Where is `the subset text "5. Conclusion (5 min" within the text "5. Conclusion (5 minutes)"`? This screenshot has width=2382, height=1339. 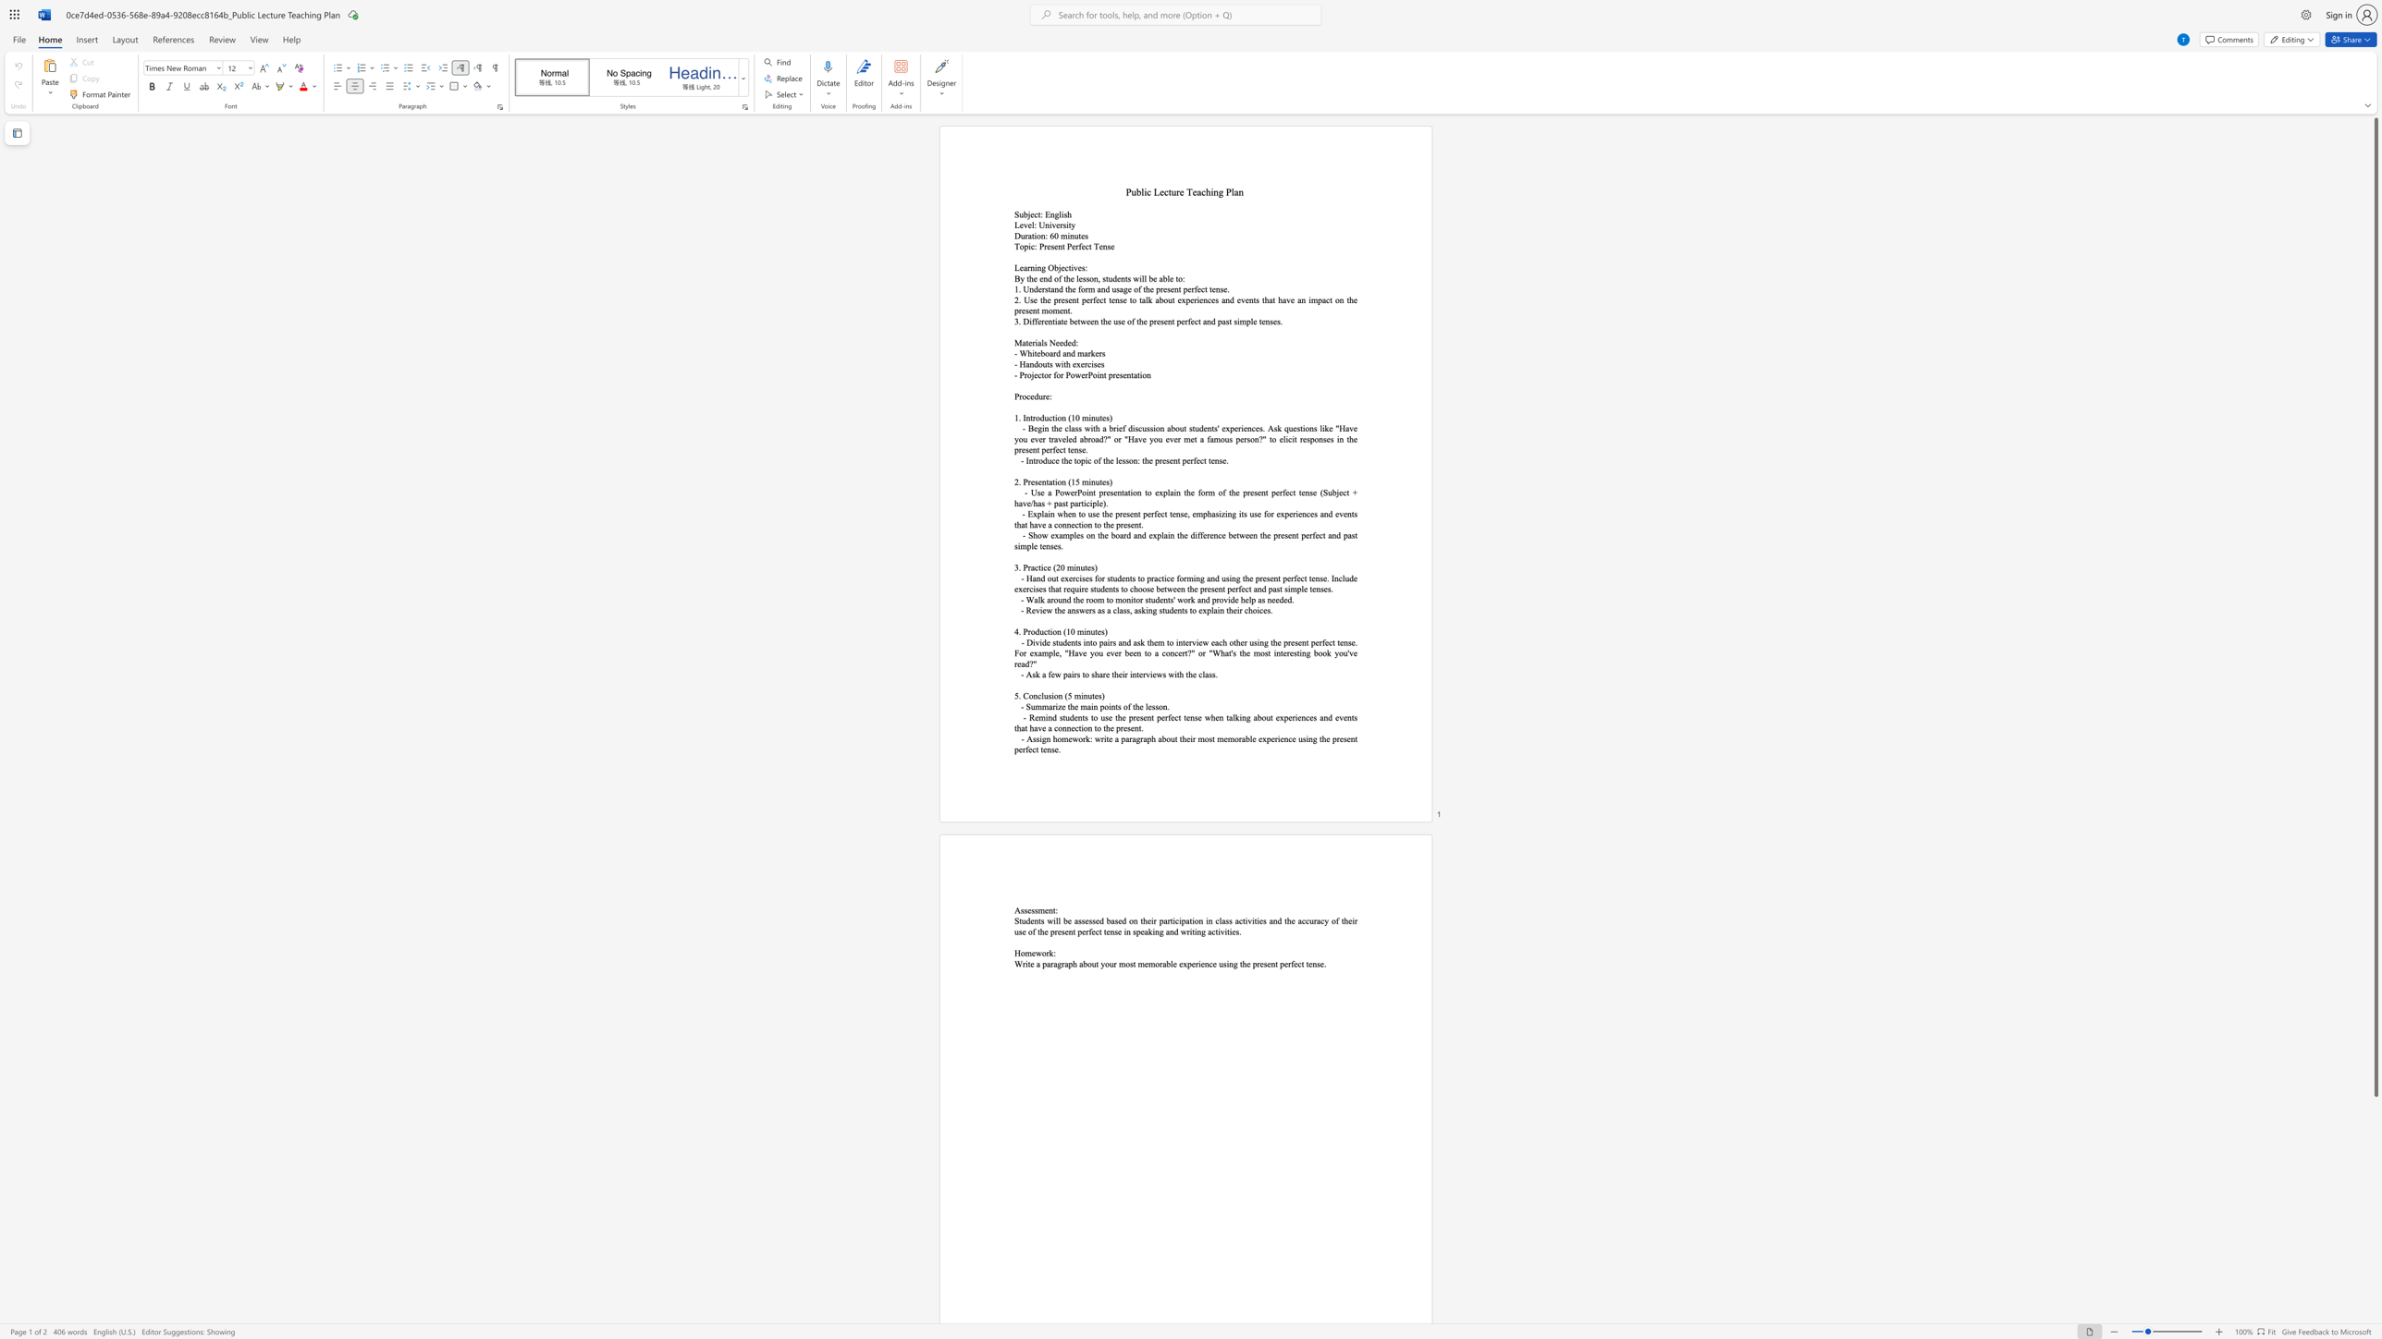 the subset text "5. Conclusion (5 min" within the text "5. Conclusion (5 minutes)" is located at coordinates (1013, 695).